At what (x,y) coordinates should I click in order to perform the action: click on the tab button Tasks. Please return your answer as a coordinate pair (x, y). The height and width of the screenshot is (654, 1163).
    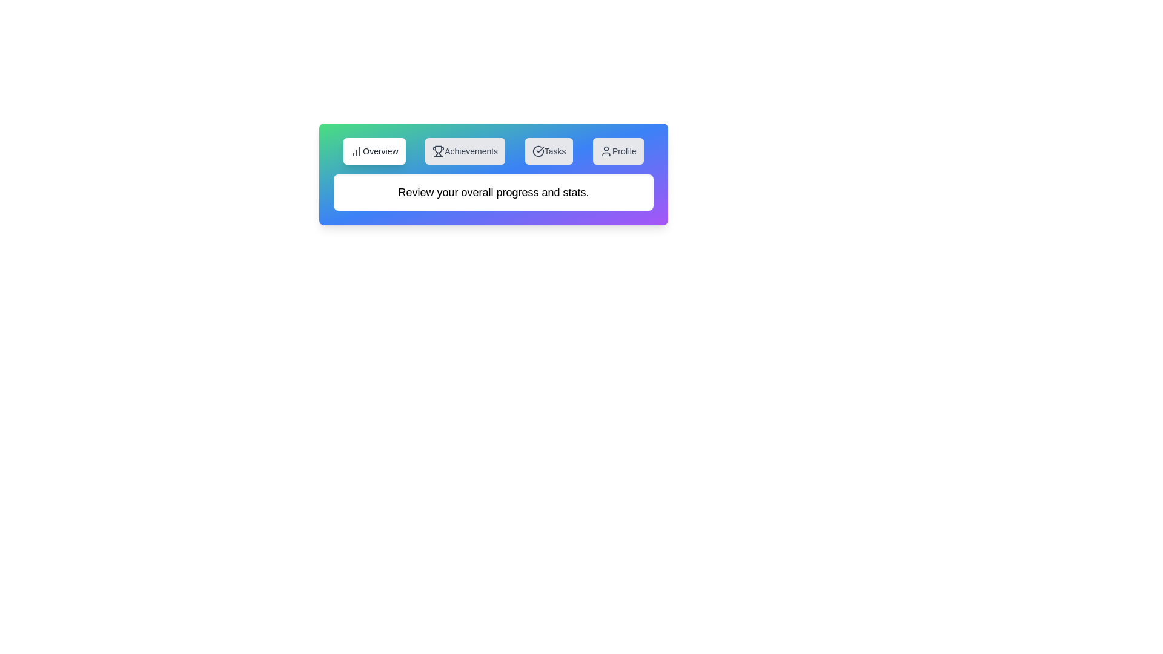
    Looking at the image, I should click on (548, 151).